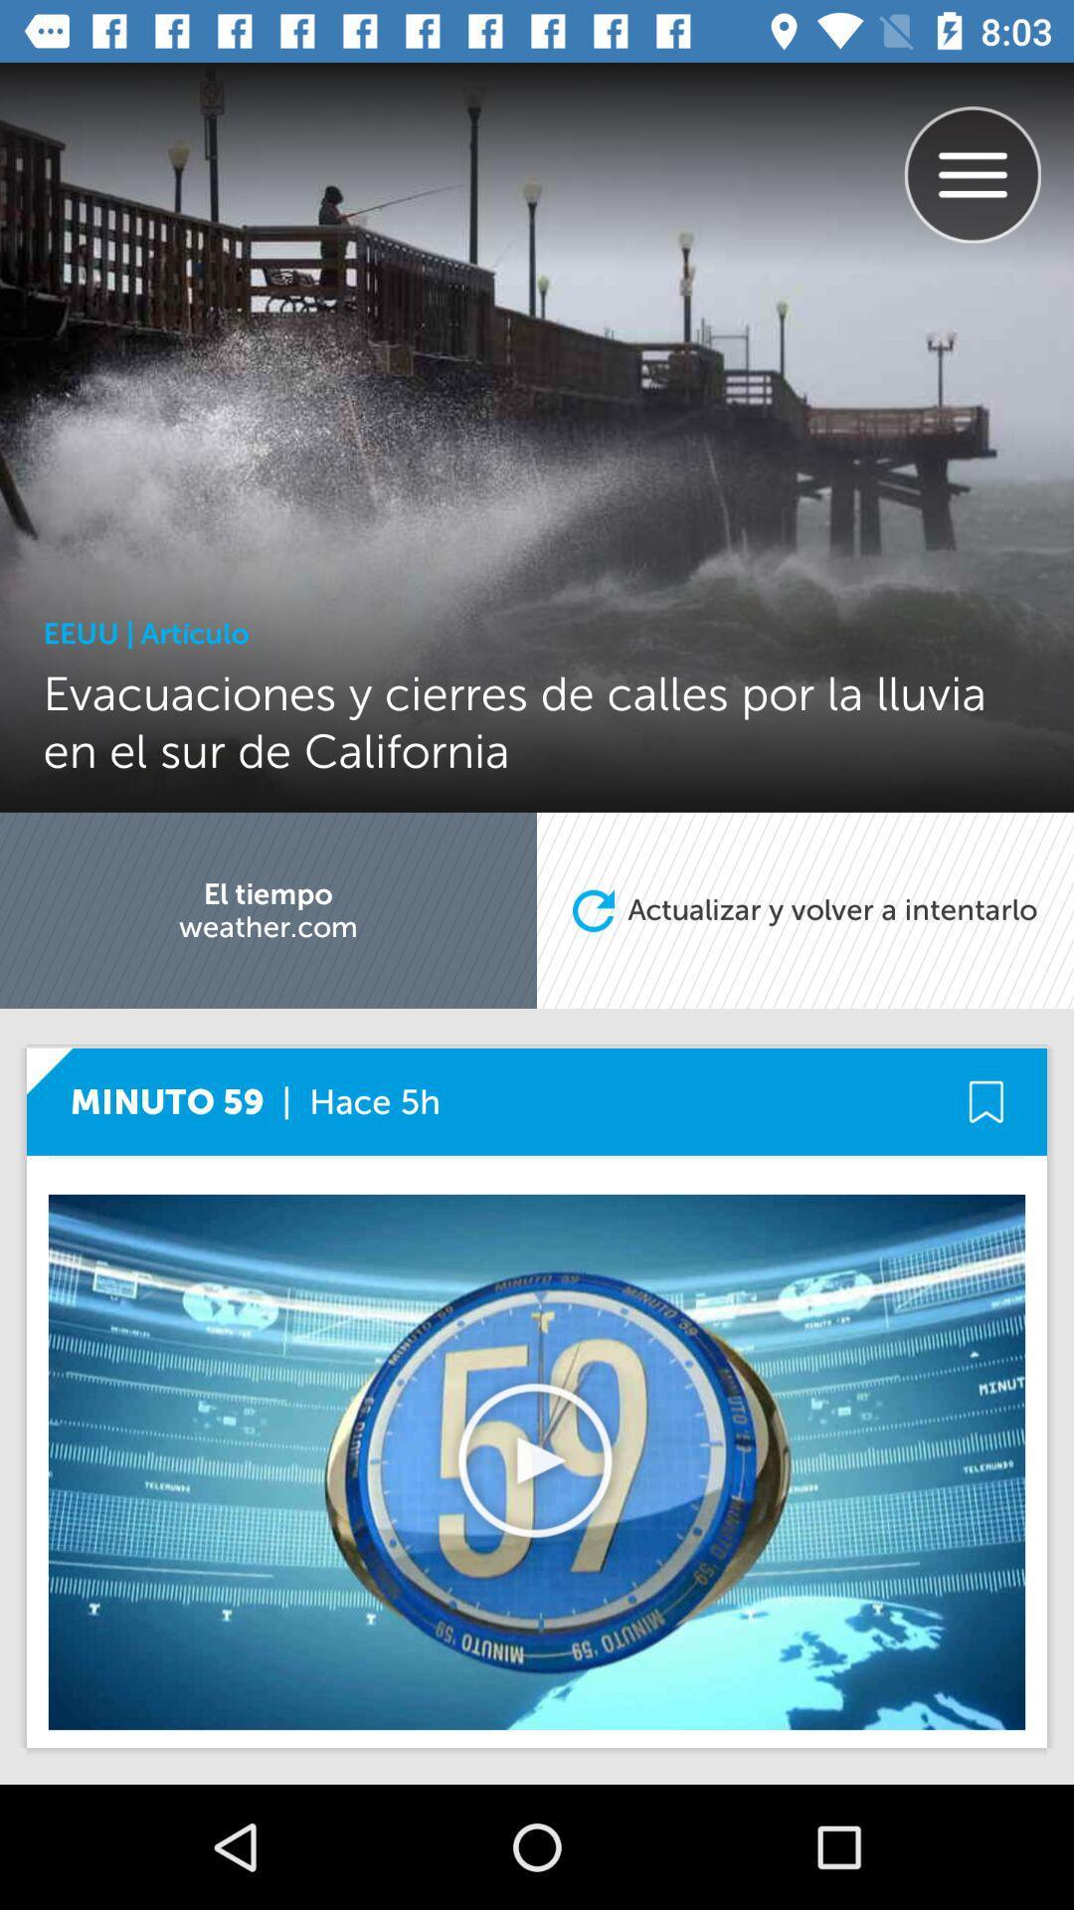  I want to click on the menu icon, so click(988, 152).